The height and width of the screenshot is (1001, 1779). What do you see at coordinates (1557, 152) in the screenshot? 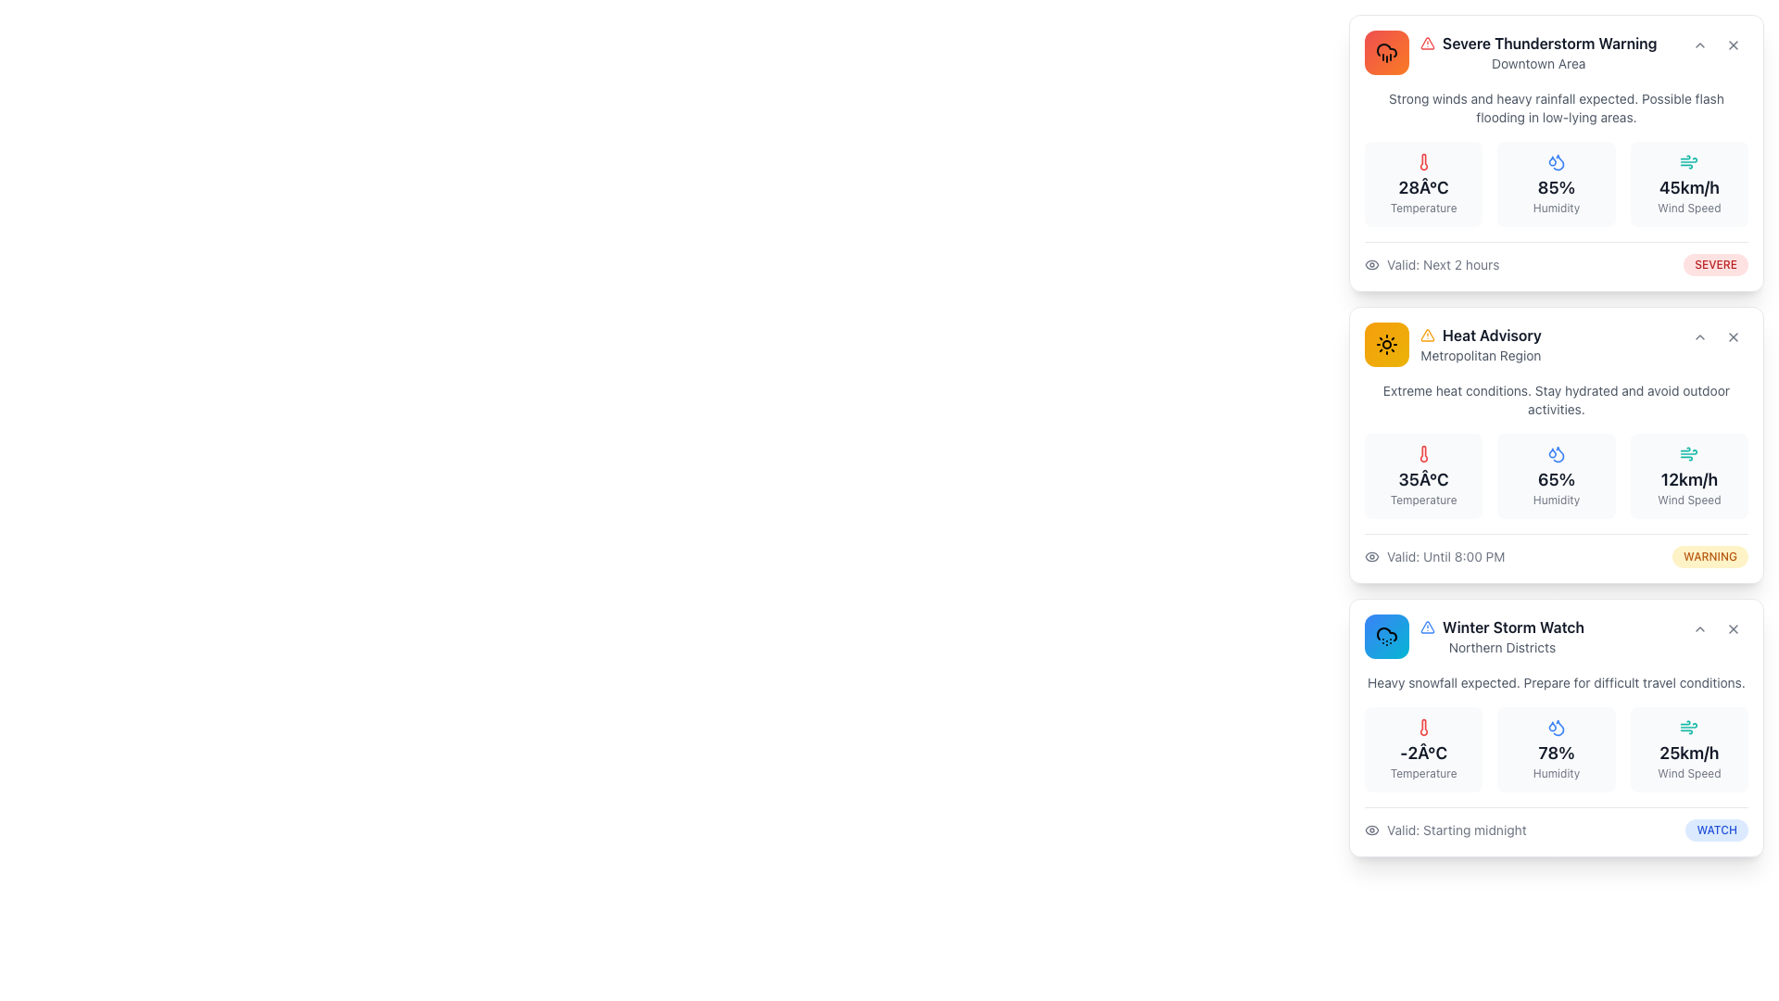
I see `the weather alert card displaying 'Severe Thunderstorm Warning' with a red-orange gradient icon, located at the top of the column` at bounding box center [1557, 152].